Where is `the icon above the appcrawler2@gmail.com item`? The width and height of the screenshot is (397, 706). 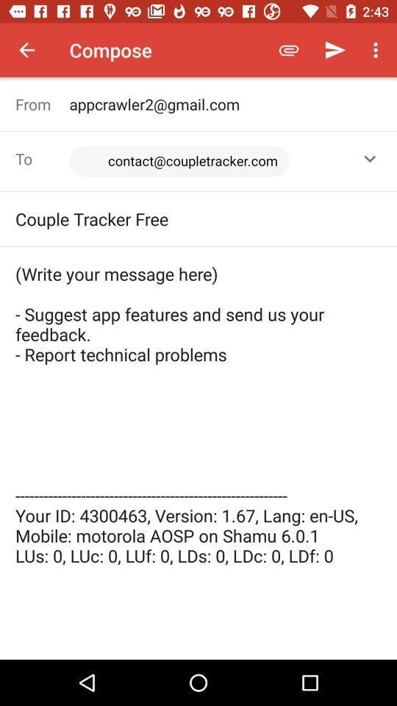 the icon above the appcrawler2@gmail.com item is located at coordinates (377, 50).